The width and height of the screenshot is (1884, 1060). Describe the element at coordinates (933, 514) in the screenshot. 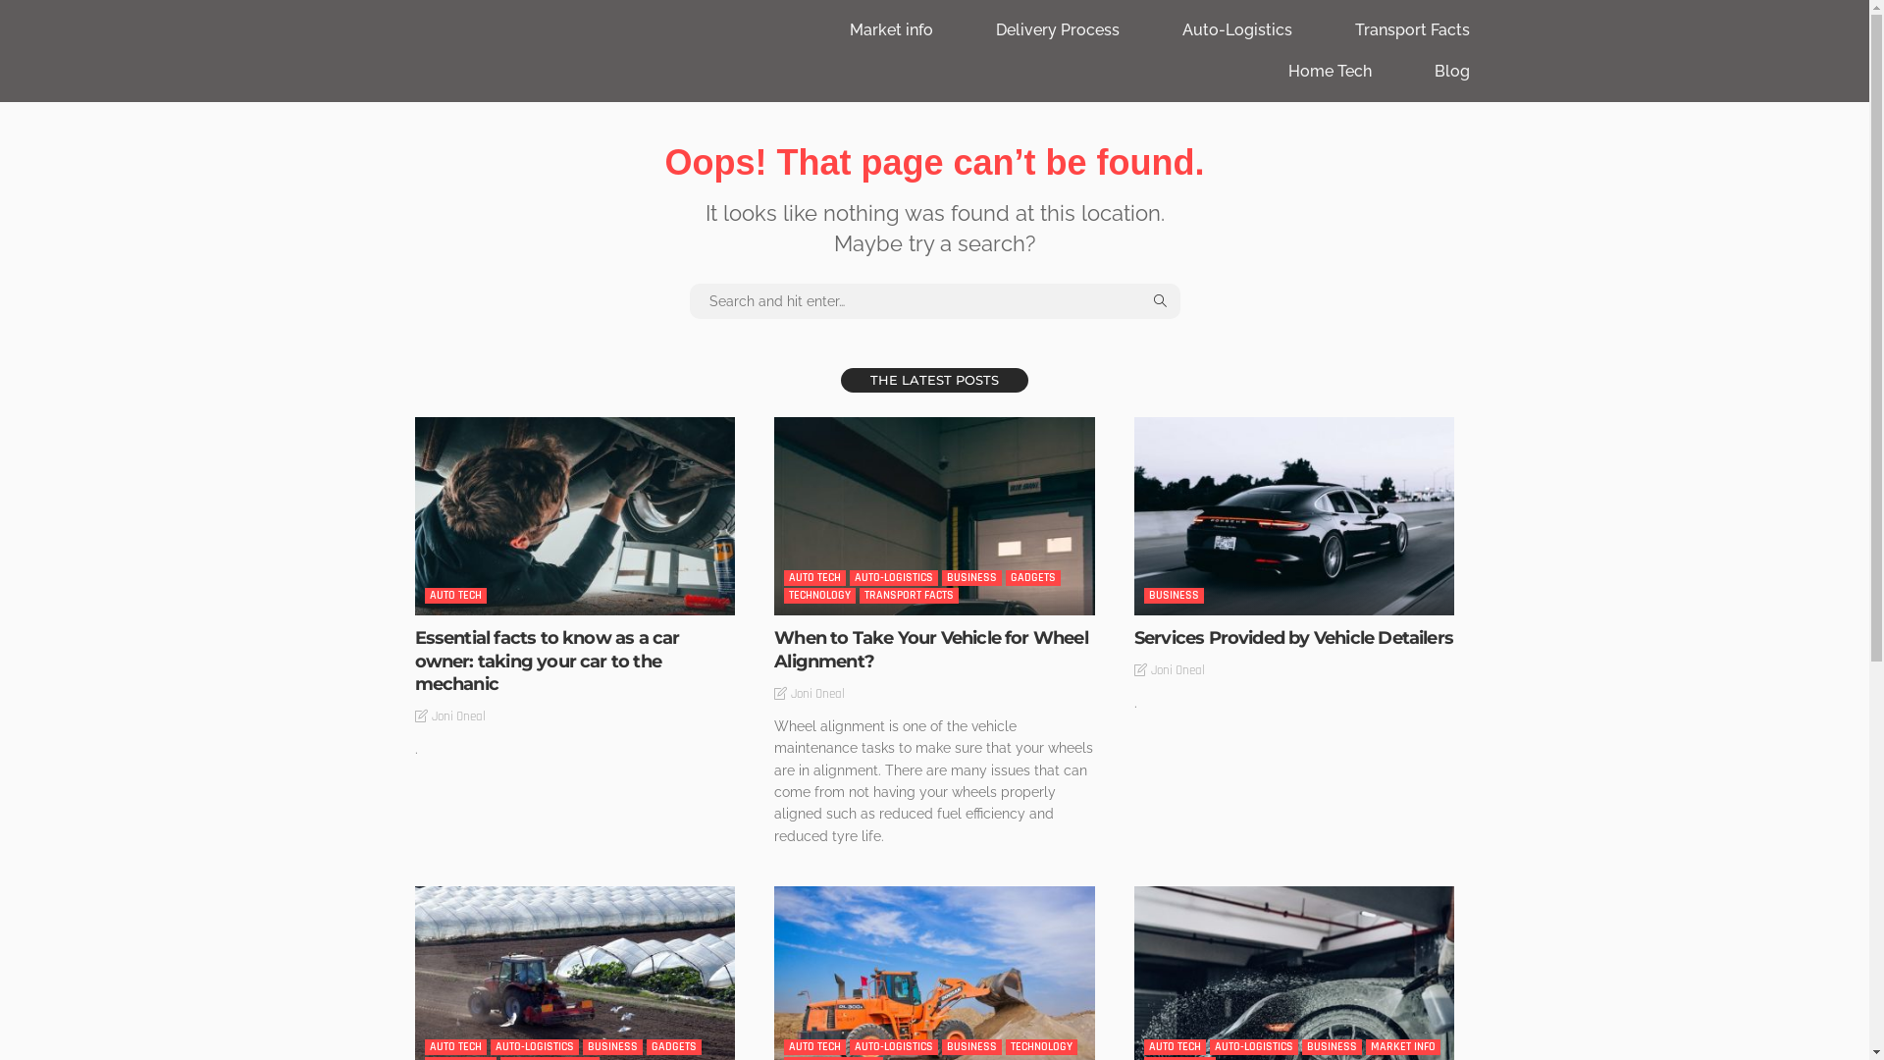

I see `'When to Take Your Vehicle for Wheel Alignment?'` at that location.